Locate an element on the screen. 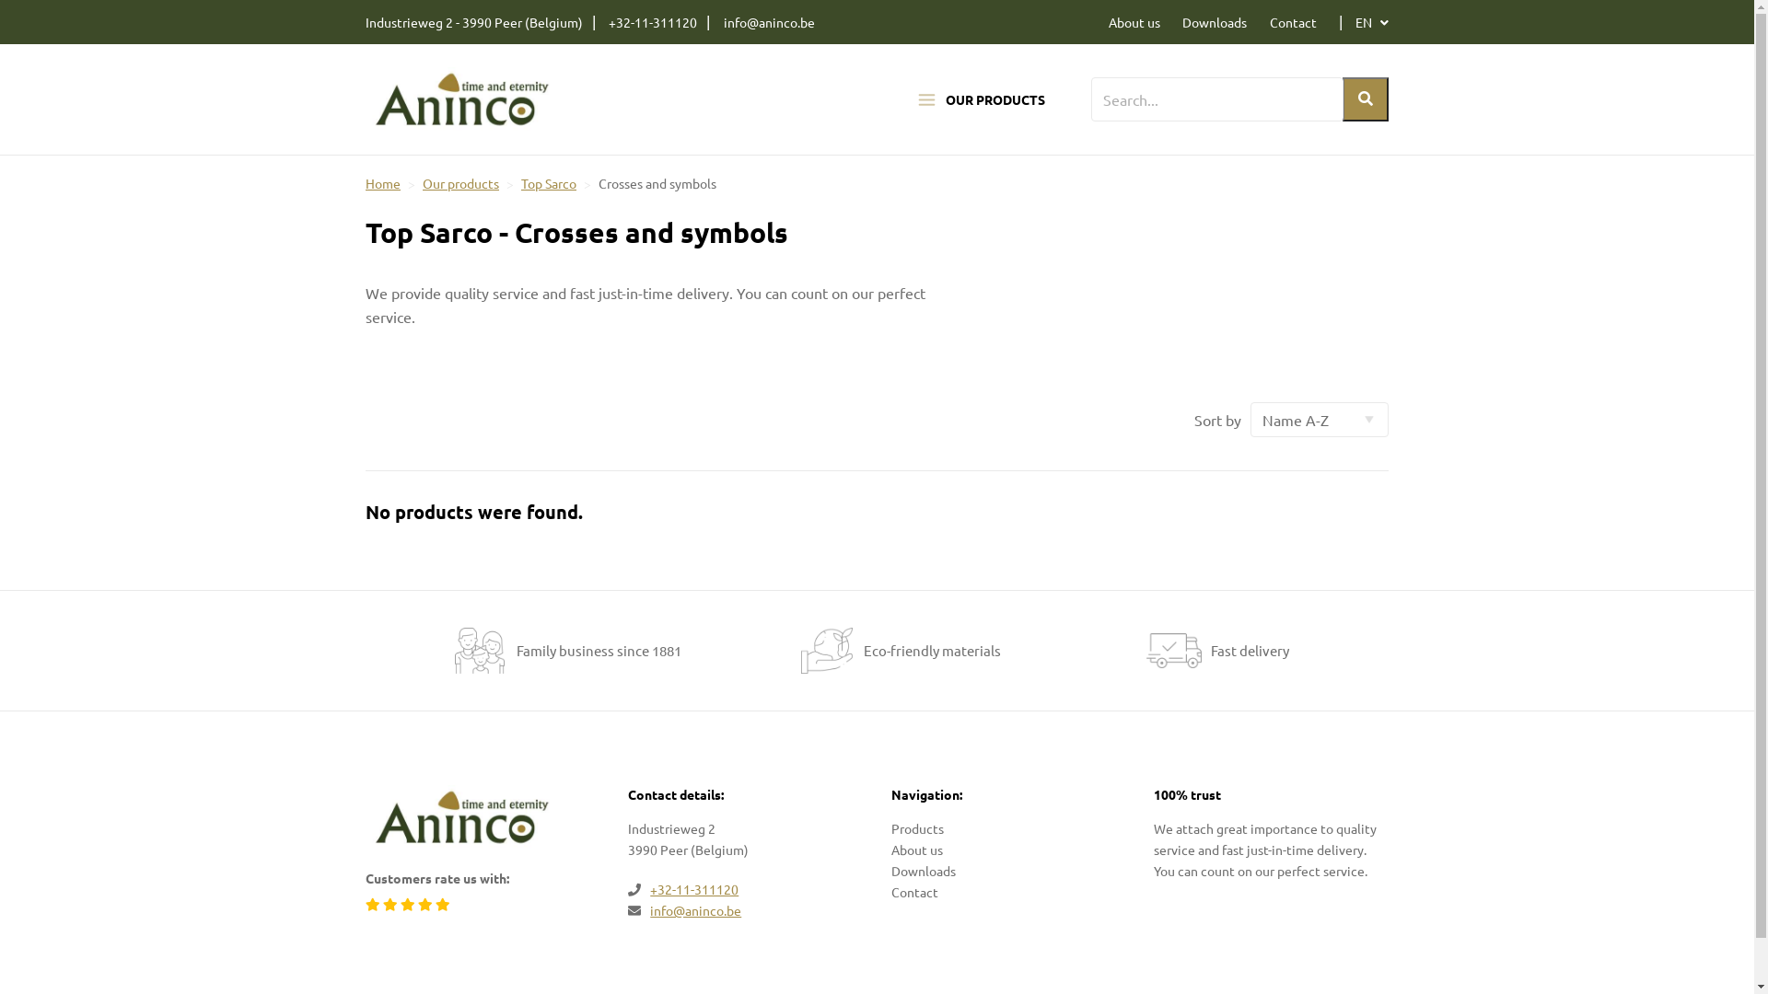  'info@aninco.be' is located at coordinates (769, 21).